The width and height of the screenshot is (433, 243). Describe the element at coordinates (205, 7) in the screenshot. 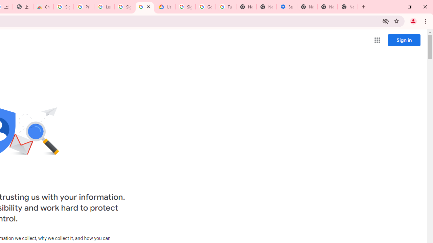

I see `'Google Account Help'` at that location.